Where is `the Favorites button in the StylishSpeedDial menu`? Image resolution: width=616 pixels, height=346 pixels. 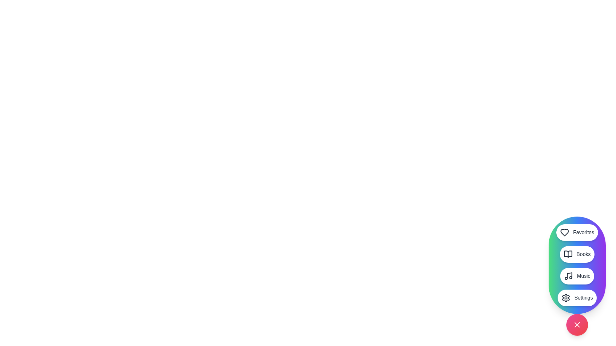 the Favorites button in the StylishSpeedDial menu is located at coordinates (577, 232).